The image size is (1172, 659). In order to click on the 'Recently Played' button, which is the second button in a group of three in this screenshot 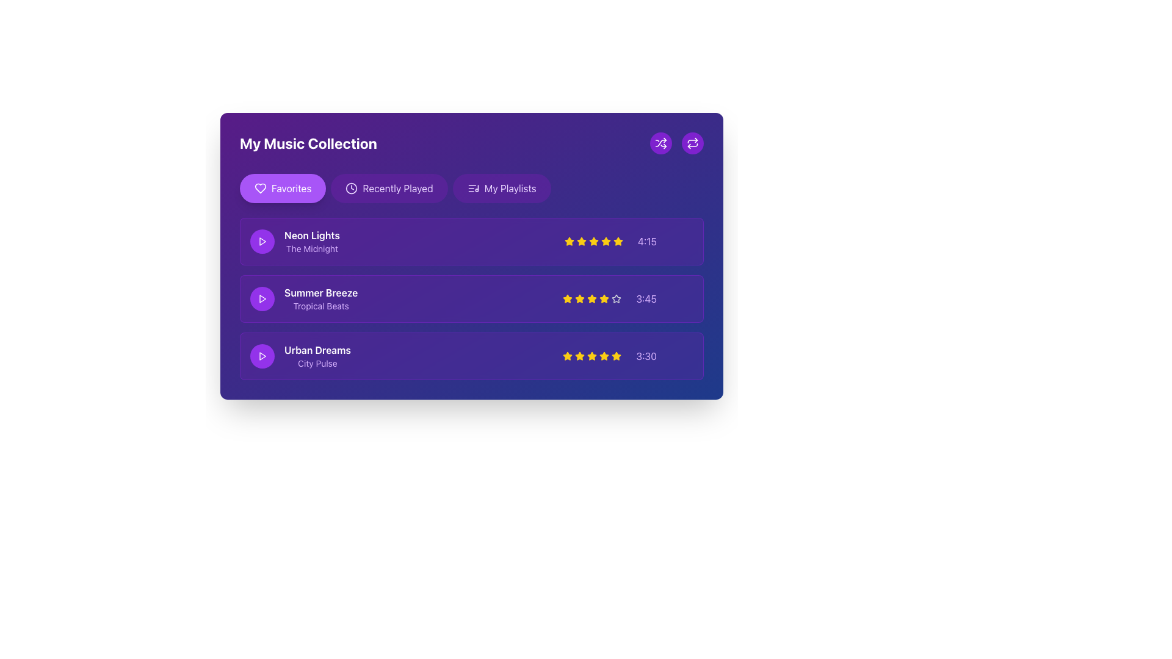, I will do `click(389, 188)`.